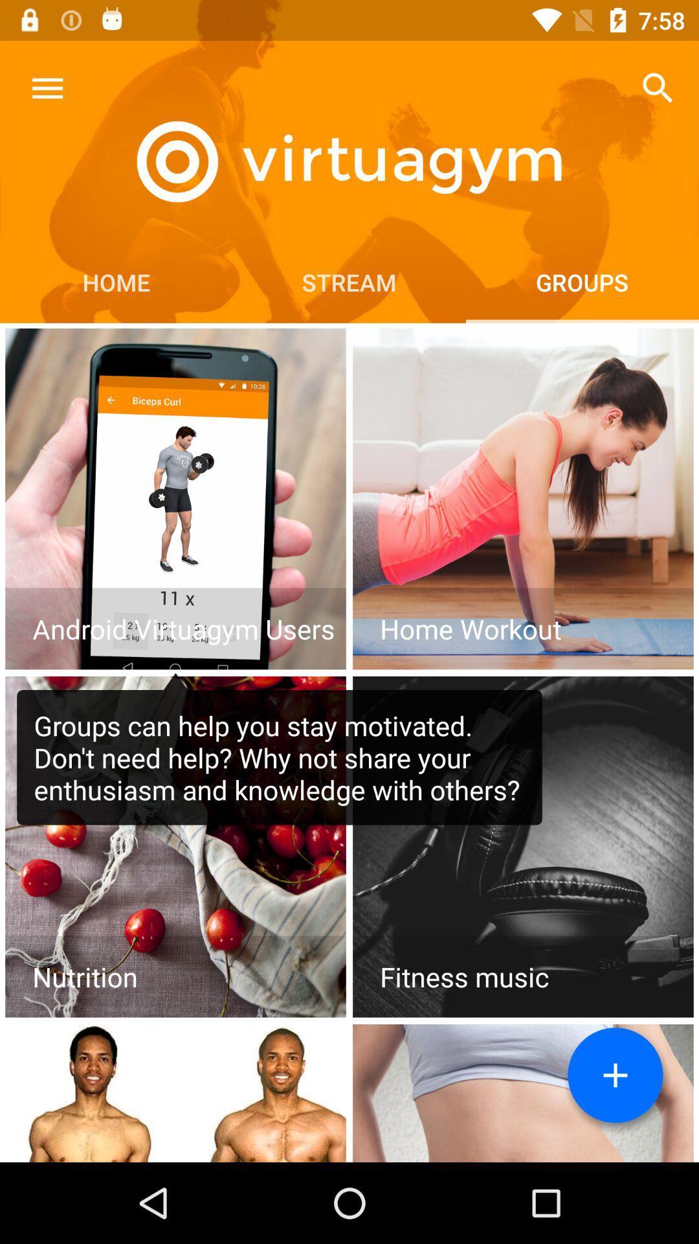 This screenshot has width=699, height=1244. I want to click on topic, so click(175, 498).